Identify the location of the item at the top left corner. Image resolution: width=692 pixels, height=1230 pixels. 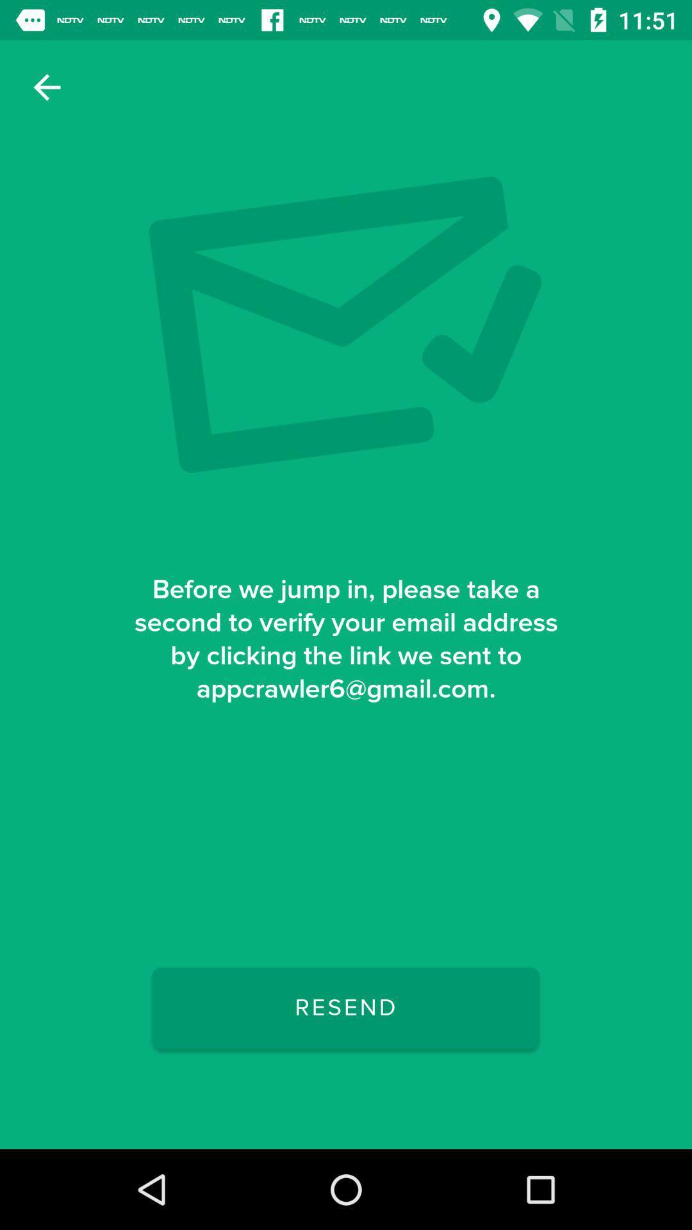
(46, 86).